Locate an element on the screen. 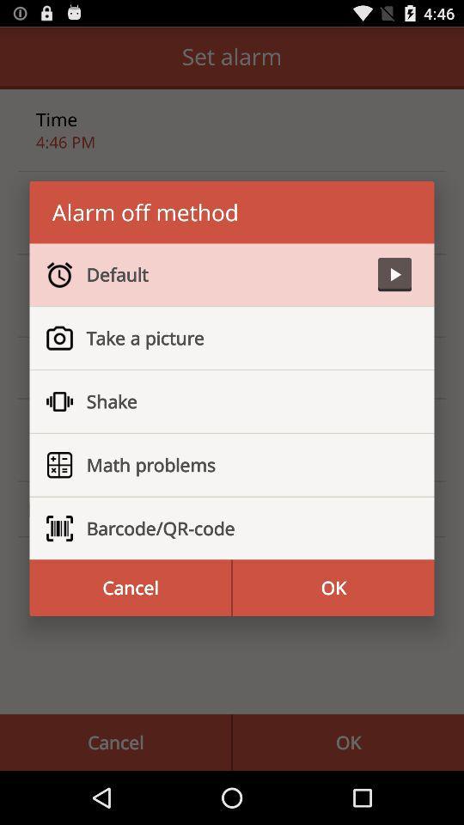 Image resolution: width=464 pixels, height=825 pixels. default options is located at coordinates (394, 274).